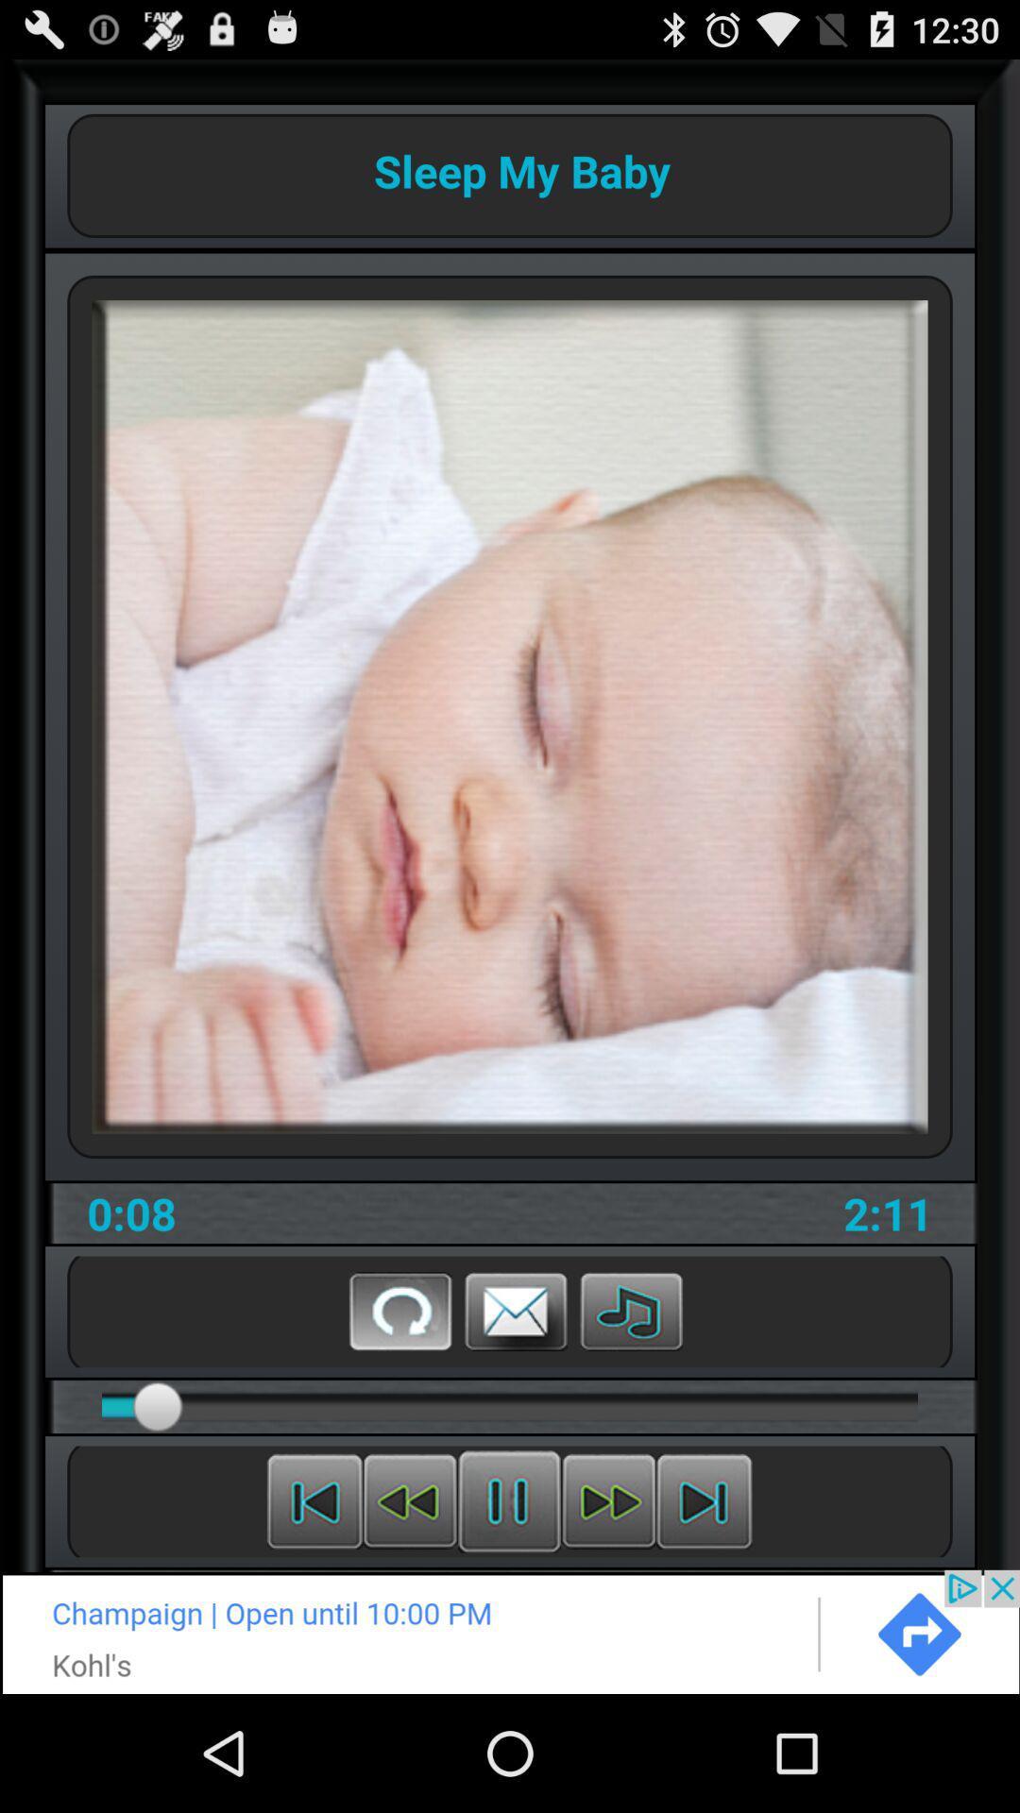 This screenshot has width=1020, height=1813. What do you see at coordinates (508, 1500) in the screenshot?
I see `pause` at bounding box center [508, 1500].